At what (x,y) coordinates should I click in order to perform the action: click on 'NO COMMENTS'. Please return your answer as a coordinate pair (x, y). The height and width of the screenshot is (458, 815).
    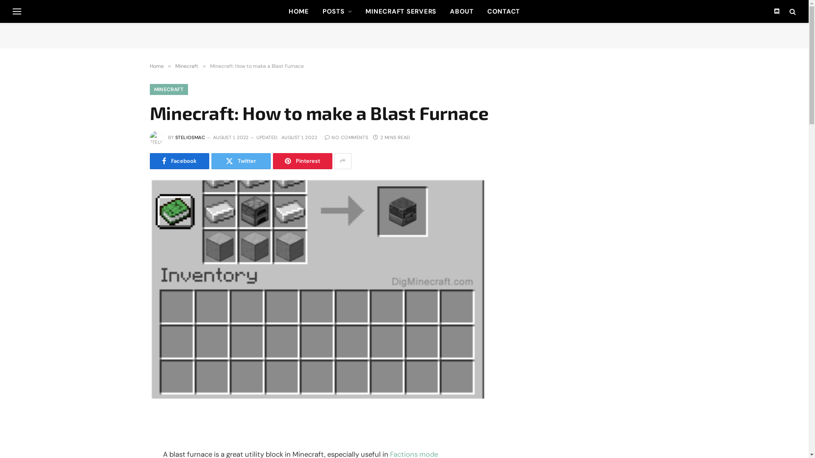
    Looking at the image, I should click on (346, 137).